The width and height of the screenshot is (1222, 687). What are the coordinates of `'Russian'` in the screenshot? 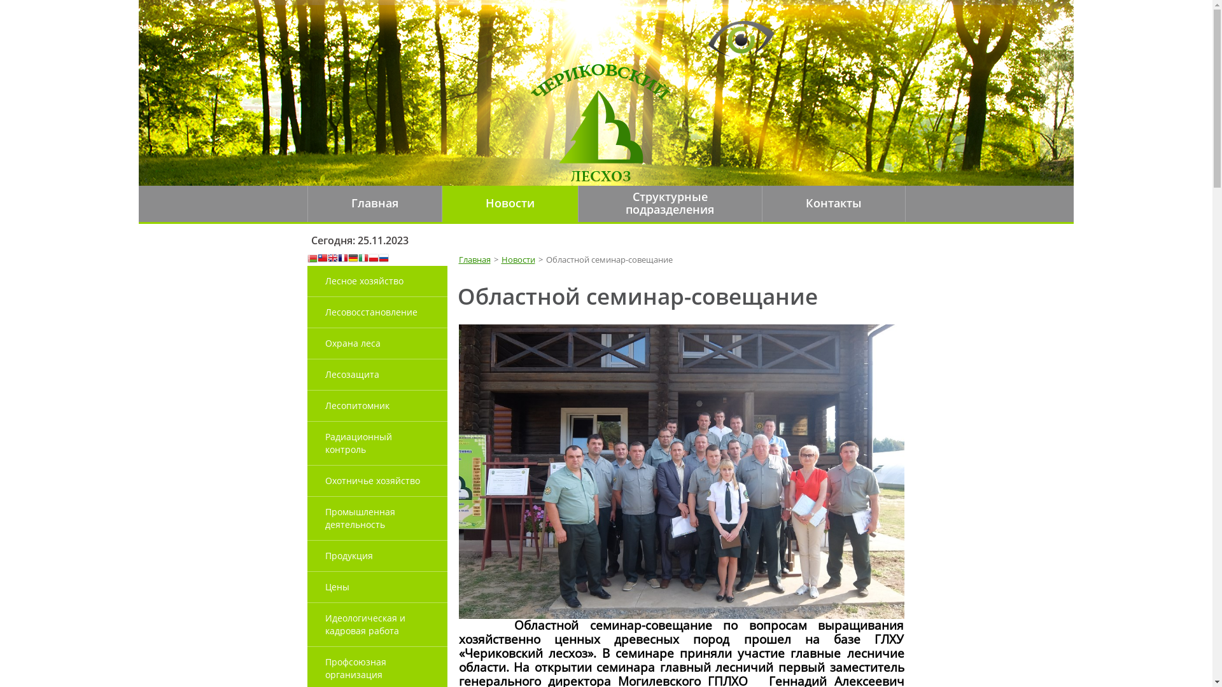 It's located at (382, 258).